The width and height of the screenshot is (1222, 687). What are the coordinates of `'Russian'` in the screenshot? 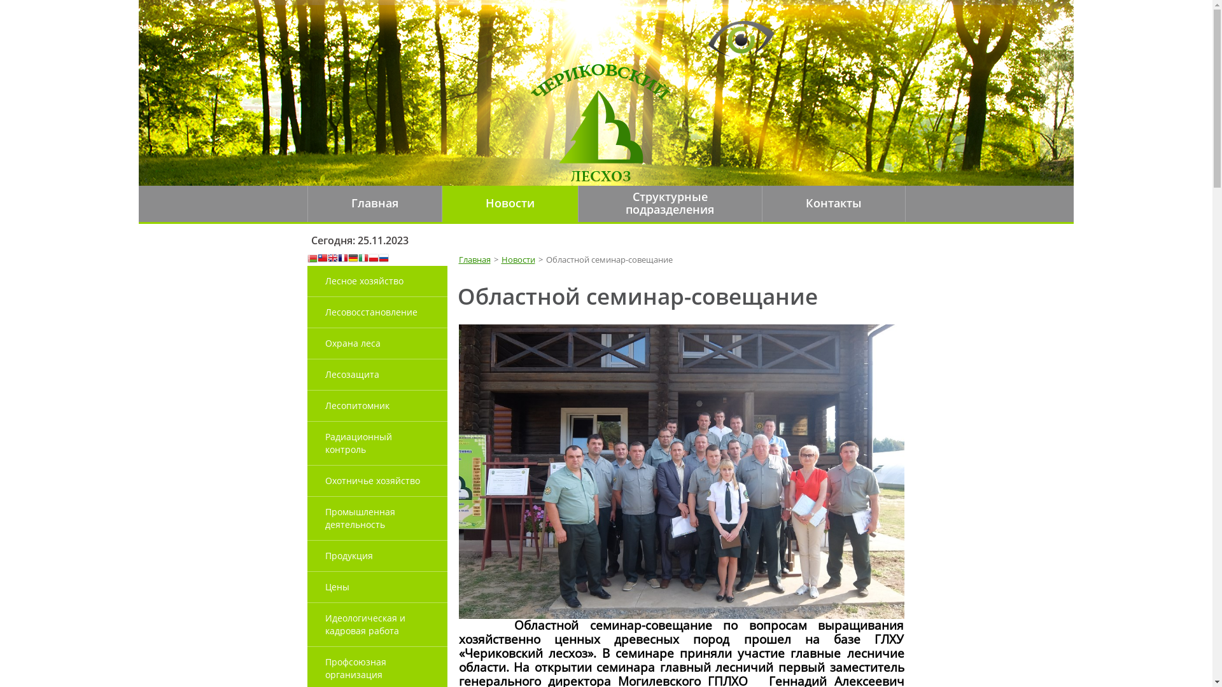 It's located at (382, 258).